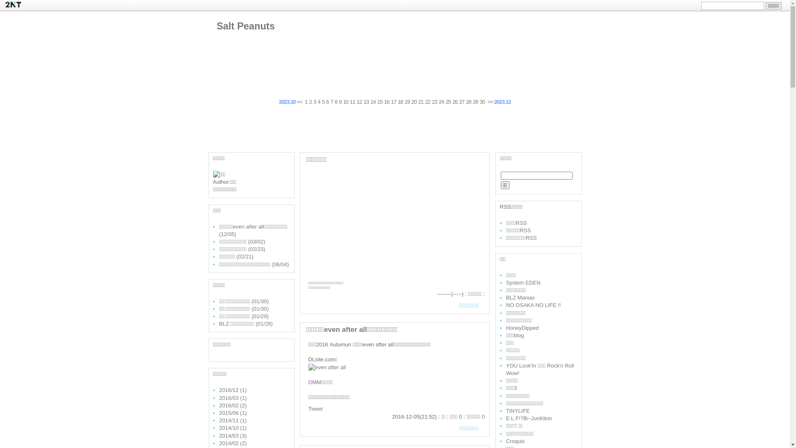 This screenshot has width=796, height=448. What do you see at coordinates (533, 305) in the screenshot?
I see `'NO OSAKA NO LIFE !!'` at bounding box center [533, 305].